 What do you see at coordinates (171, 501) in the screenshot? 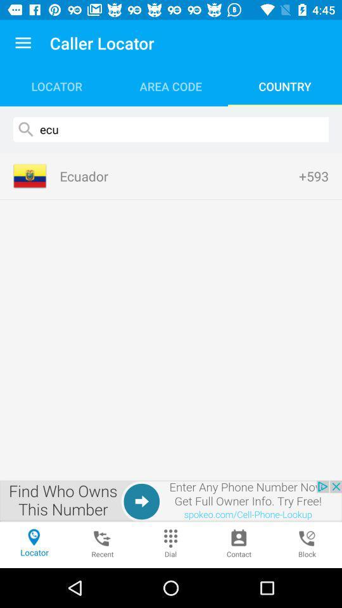
I see `click advertisement` at bounding box center [171, 501].